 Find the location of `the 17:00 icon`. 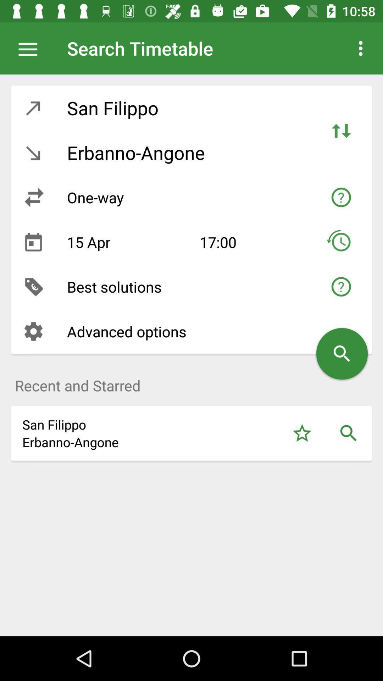

the 17:00 icon is located at coordinates (249, 242).